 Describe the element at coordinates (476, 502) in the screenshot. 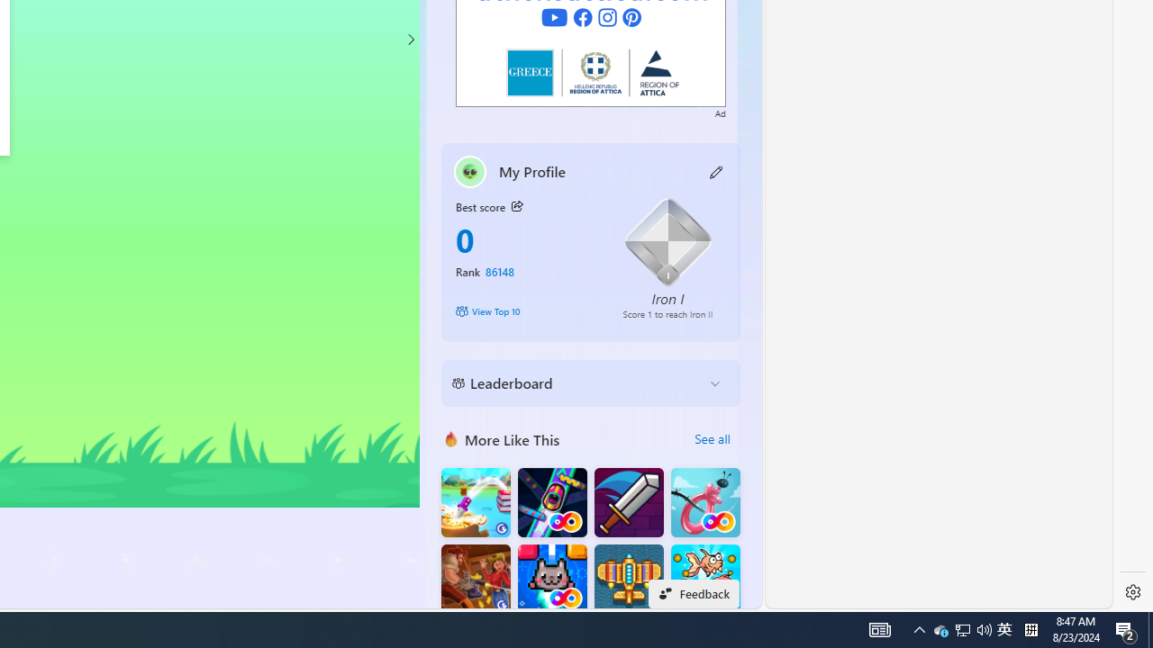

I see `'Knife Flip'` at that location.